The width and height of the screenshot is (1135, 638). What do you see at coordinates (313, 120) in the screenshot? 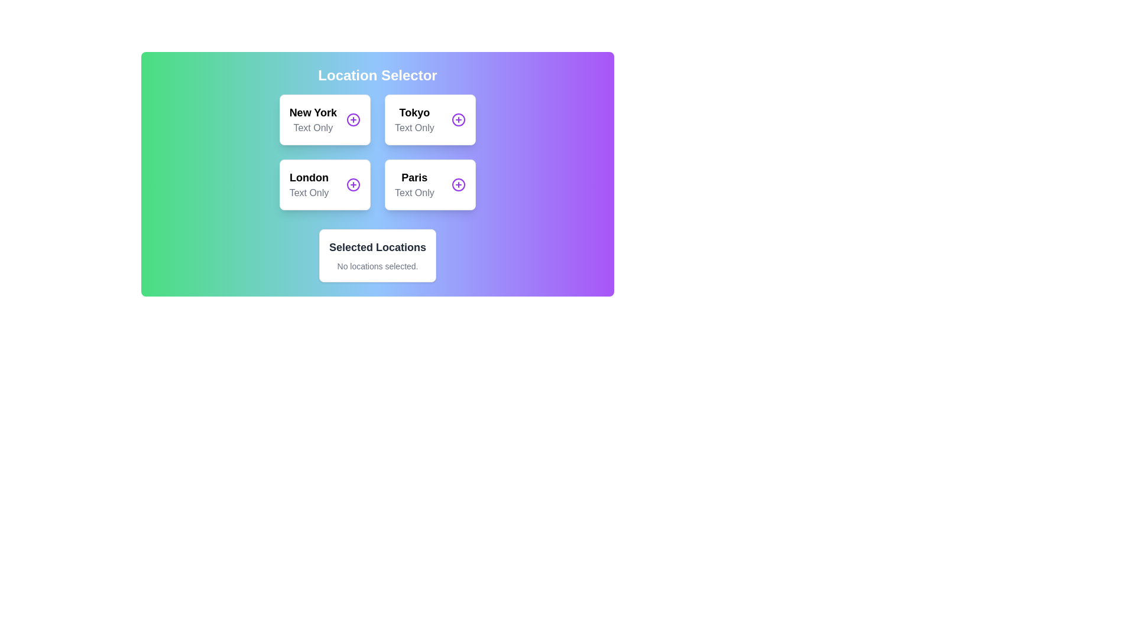
I see `the 'New York' selectable label in the top-left corner of the location selection interface` at bounding box center [313, 120].